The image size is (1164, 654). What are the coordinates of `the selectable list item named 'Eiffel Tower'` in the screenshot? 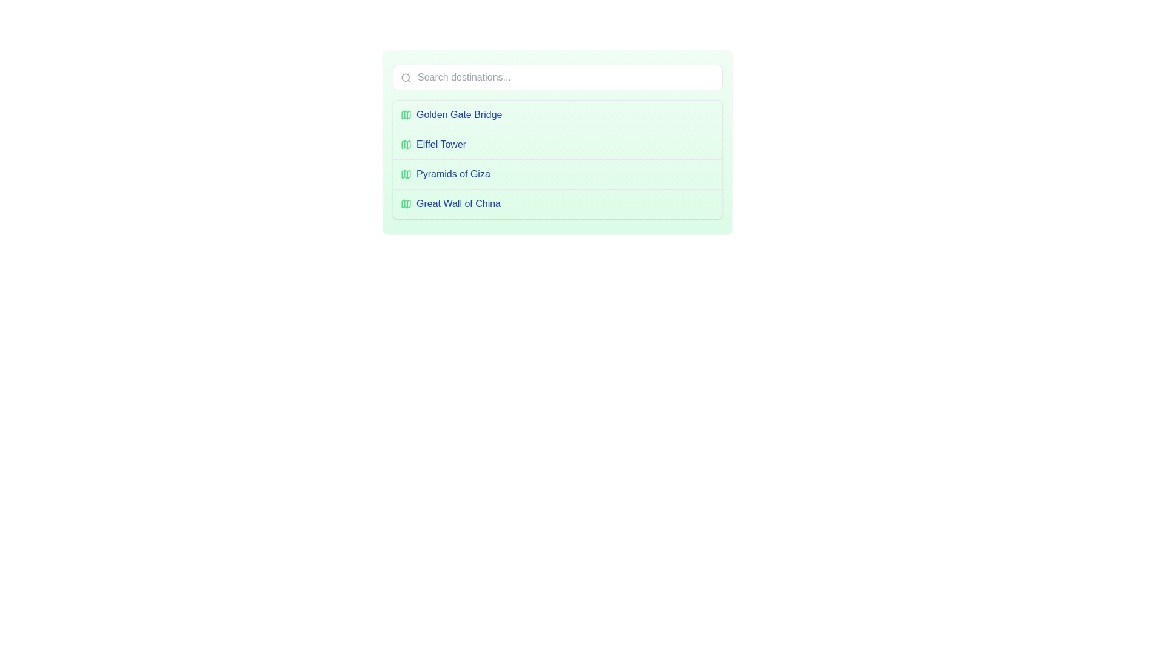 It's located at (557, 144).